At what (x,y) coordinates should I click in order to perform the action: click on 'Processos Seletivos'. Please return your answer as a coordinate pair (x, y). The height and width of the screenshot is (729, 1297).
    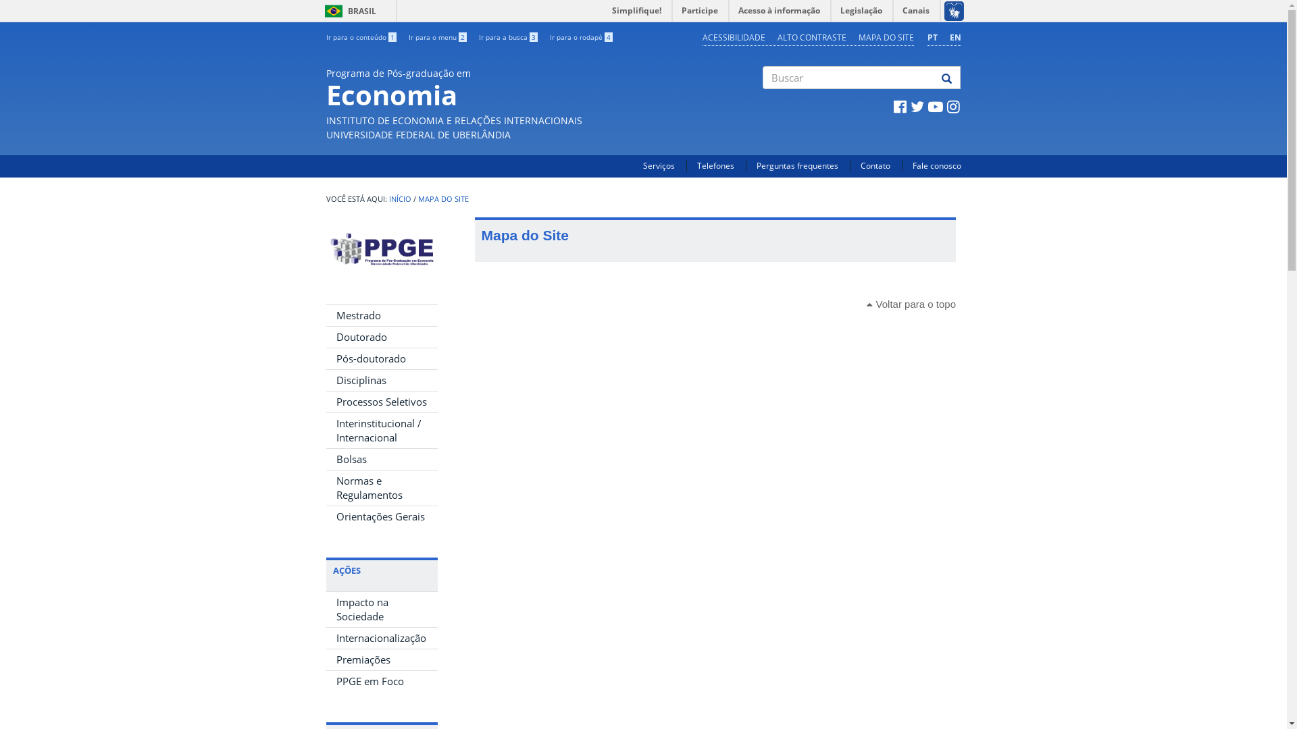
    Looking at the image, I should click on (380, 401).